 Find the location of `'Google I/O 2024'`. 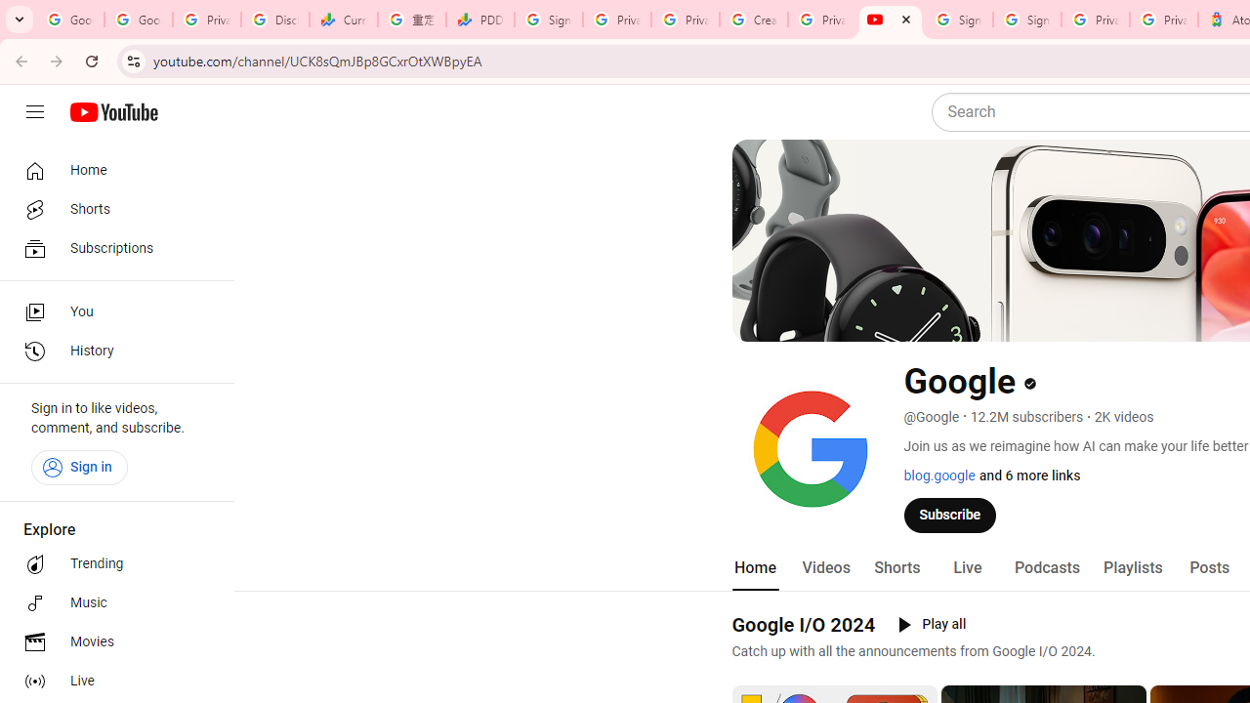

'Google I/O 2024' is located at coordinates (804, 624).